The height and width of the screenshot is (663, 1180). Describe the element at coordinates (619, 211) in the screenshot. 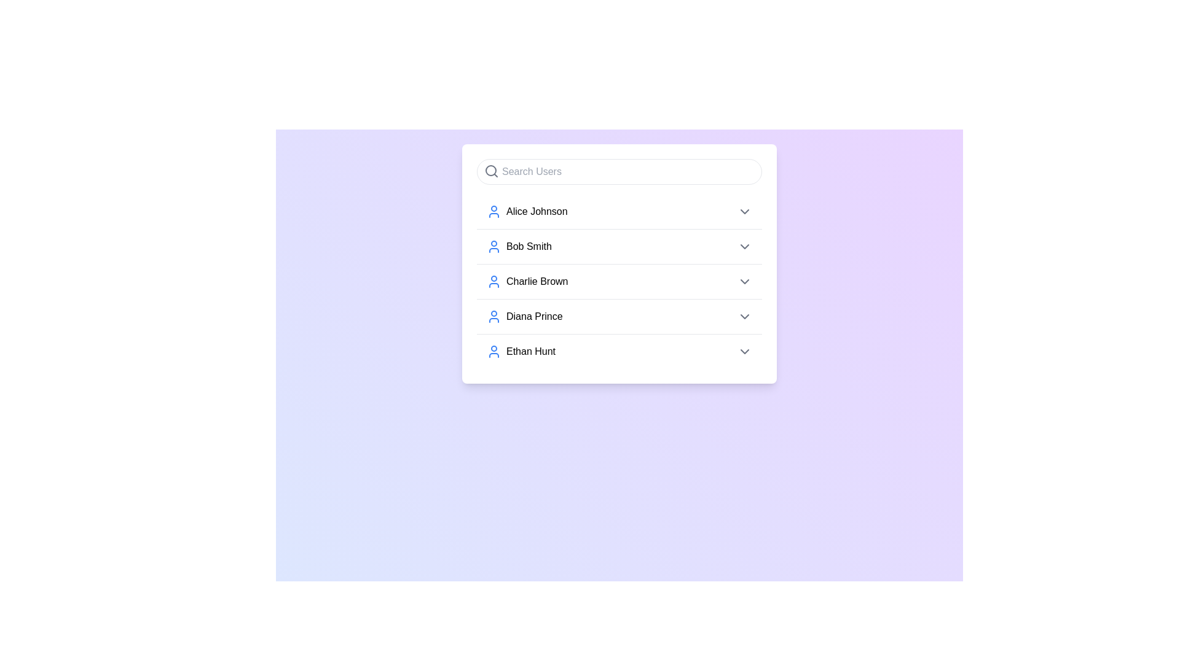

I see `the first item in the vertical list of user options in the dropdown menu` at that location.